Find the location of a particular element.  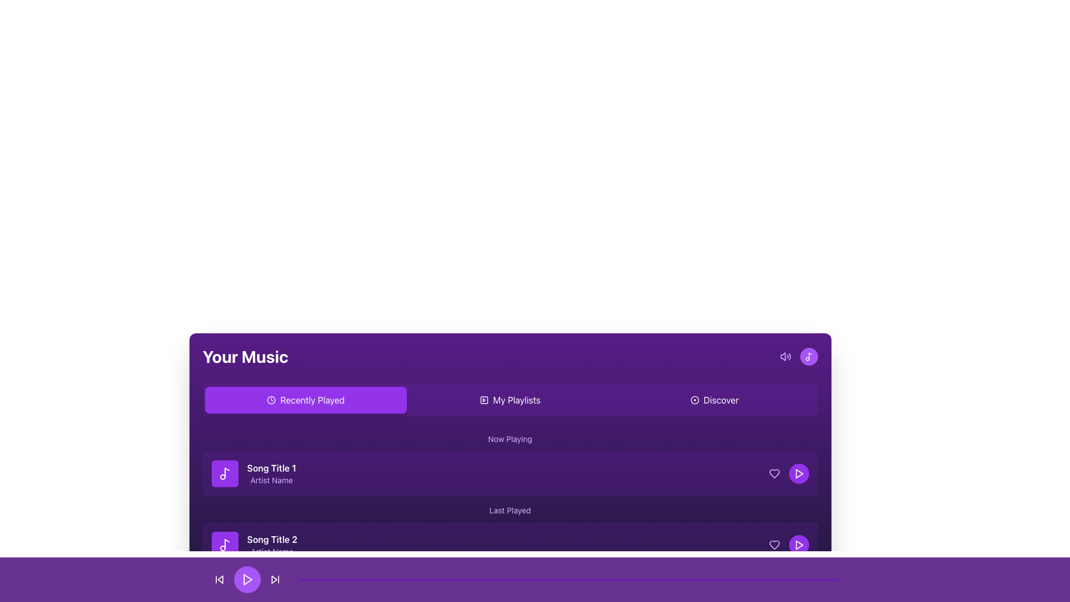

the List Item representing 'Song Title 2' by 'Artist Name' is located at coordinates (254, 545).